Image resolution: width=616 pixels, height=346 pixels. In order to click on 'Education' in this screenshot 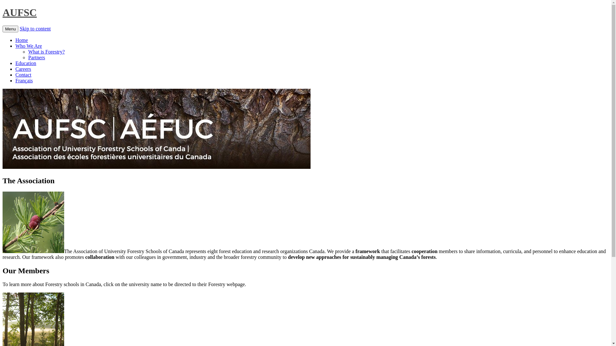, I will do `click(26, 63)`.